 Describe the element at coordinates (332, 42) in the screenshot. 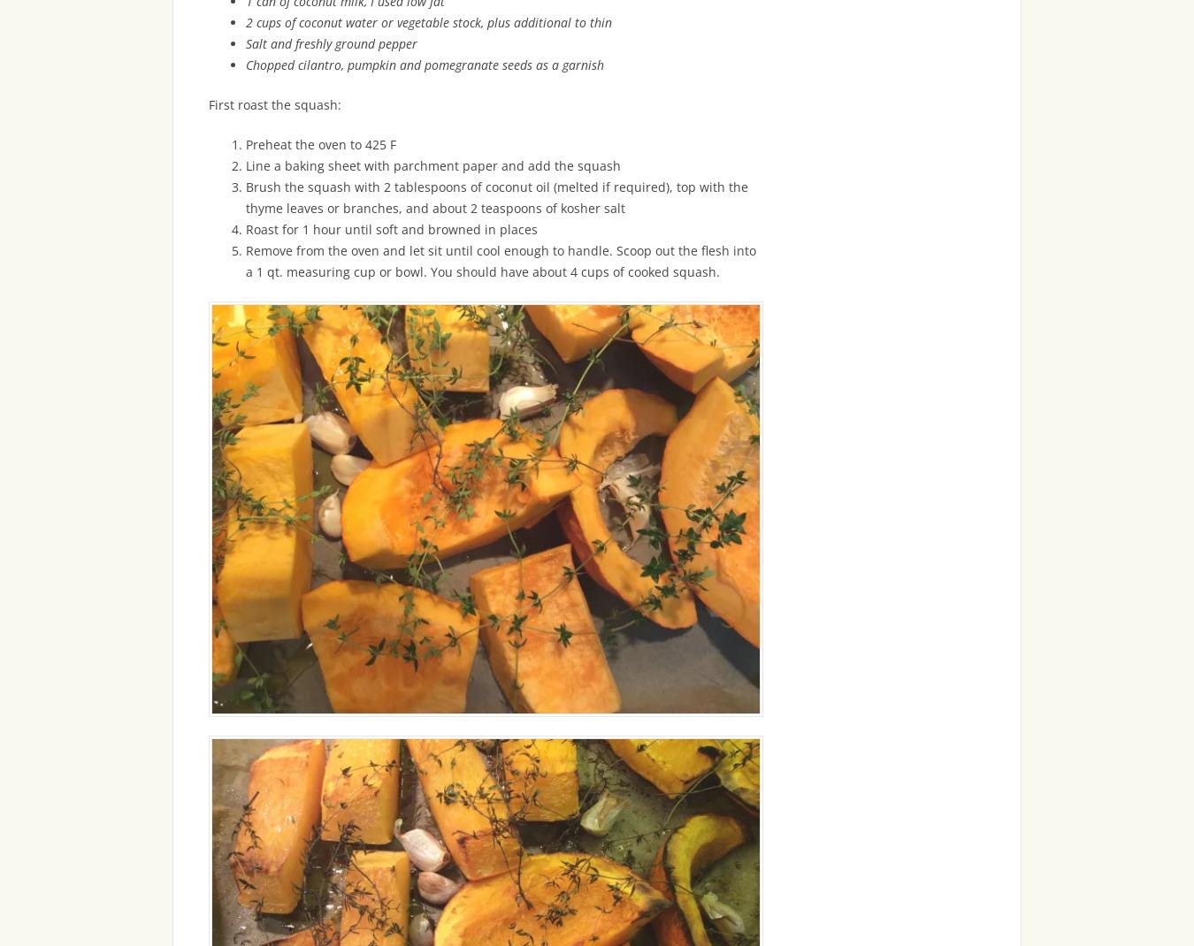

I see `'Salt and freshly ground pepper'` at that location.